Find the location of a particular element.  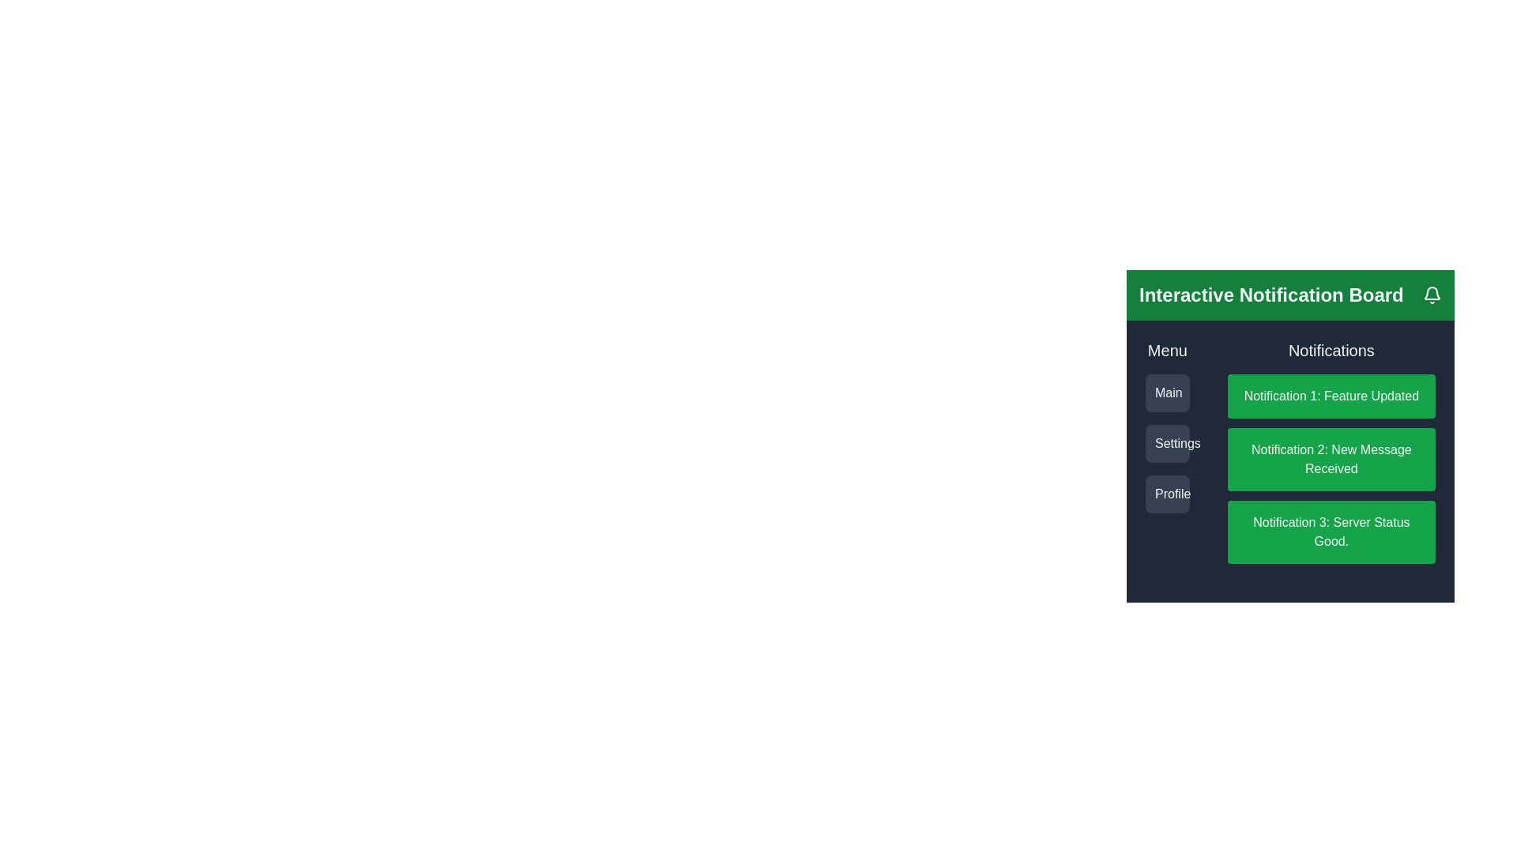

the second notification item in the Notifications panel is located at coordinates (1290, 426).